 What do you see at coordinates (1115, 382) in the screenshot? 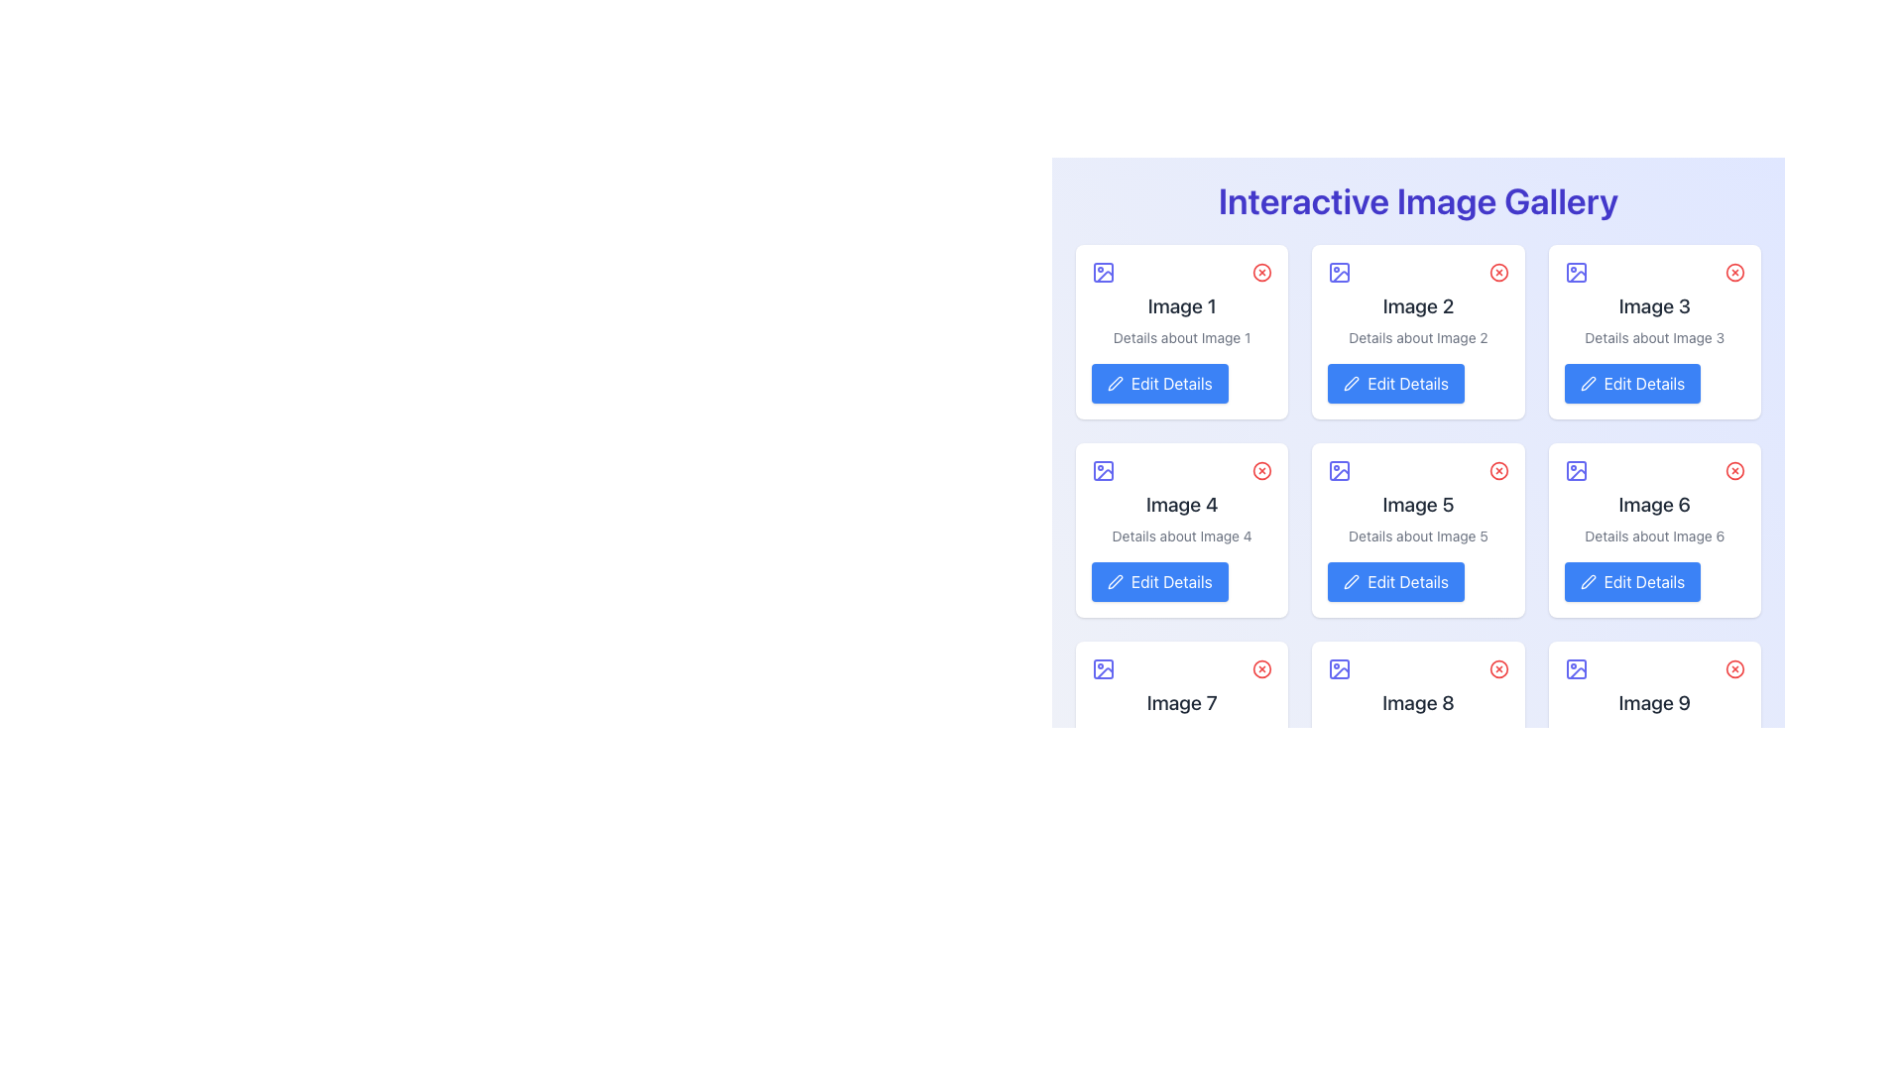
I see `the pen-shaped icon inside the SVG, which is located at the top-left corner of the 'Edit Details' button` at bounding box center [1115, 382].